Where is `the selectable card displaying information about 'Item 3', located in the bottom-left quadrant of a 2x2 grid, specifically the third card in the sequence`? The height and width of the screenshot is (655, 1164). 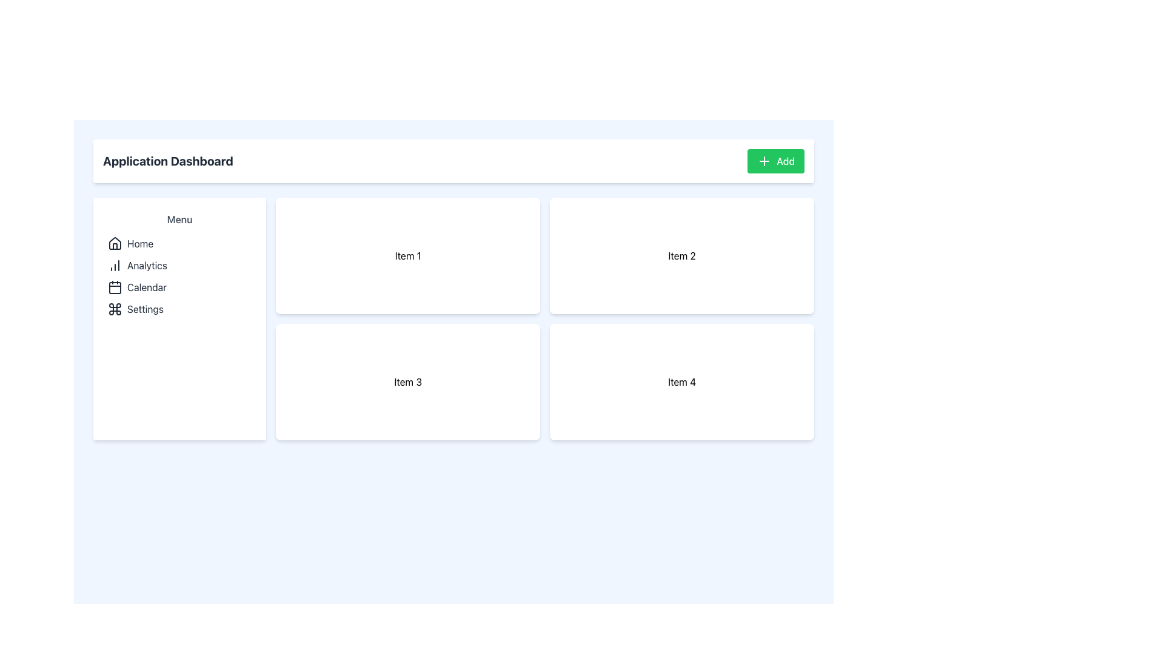 the selectable card displaying information about 'Item 3', located in the bottom-left quadrant of a 2x2 grid, specifically the third card in the sequence is located at coordinates (408, 381).